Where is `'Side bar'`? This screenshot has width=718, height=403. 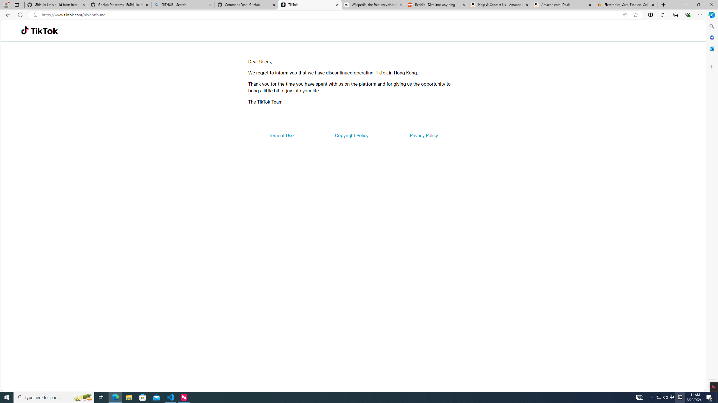 'Side bar' is located at coordinates (712, 206).